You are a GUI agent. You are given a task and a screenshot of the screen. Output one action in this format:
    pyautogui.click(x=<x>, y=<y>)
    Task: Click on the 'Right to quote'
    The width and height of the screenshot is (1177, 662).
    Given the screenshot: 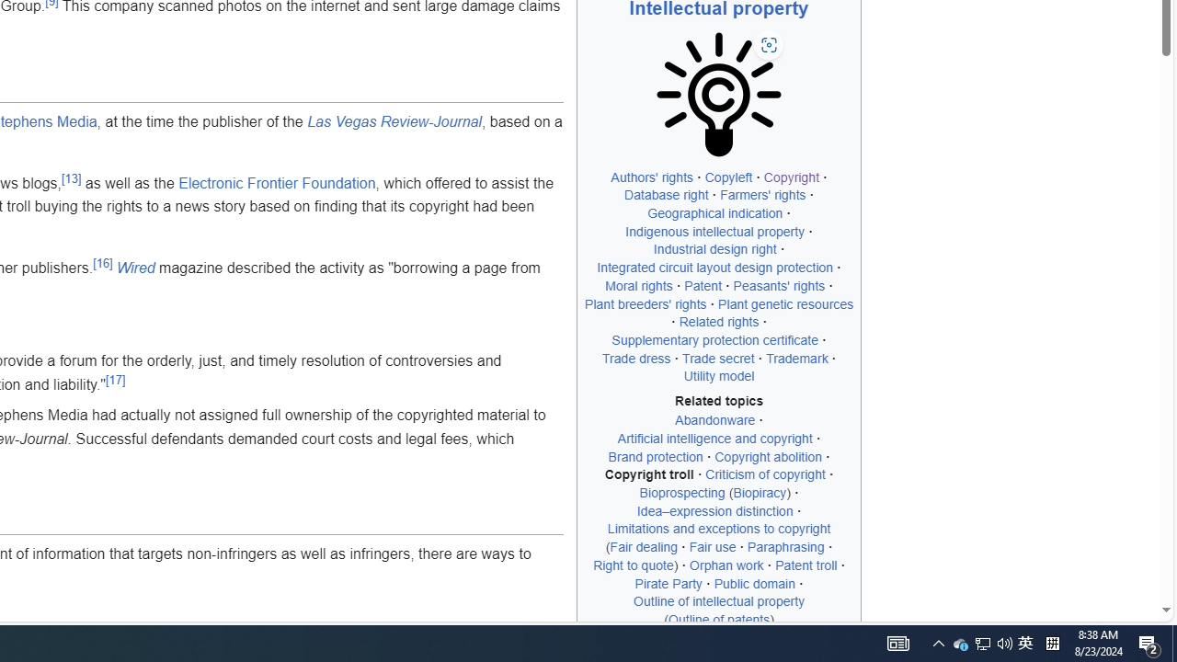 What is the action you would take?
    pyautogui.click(x=634, y=564)
    